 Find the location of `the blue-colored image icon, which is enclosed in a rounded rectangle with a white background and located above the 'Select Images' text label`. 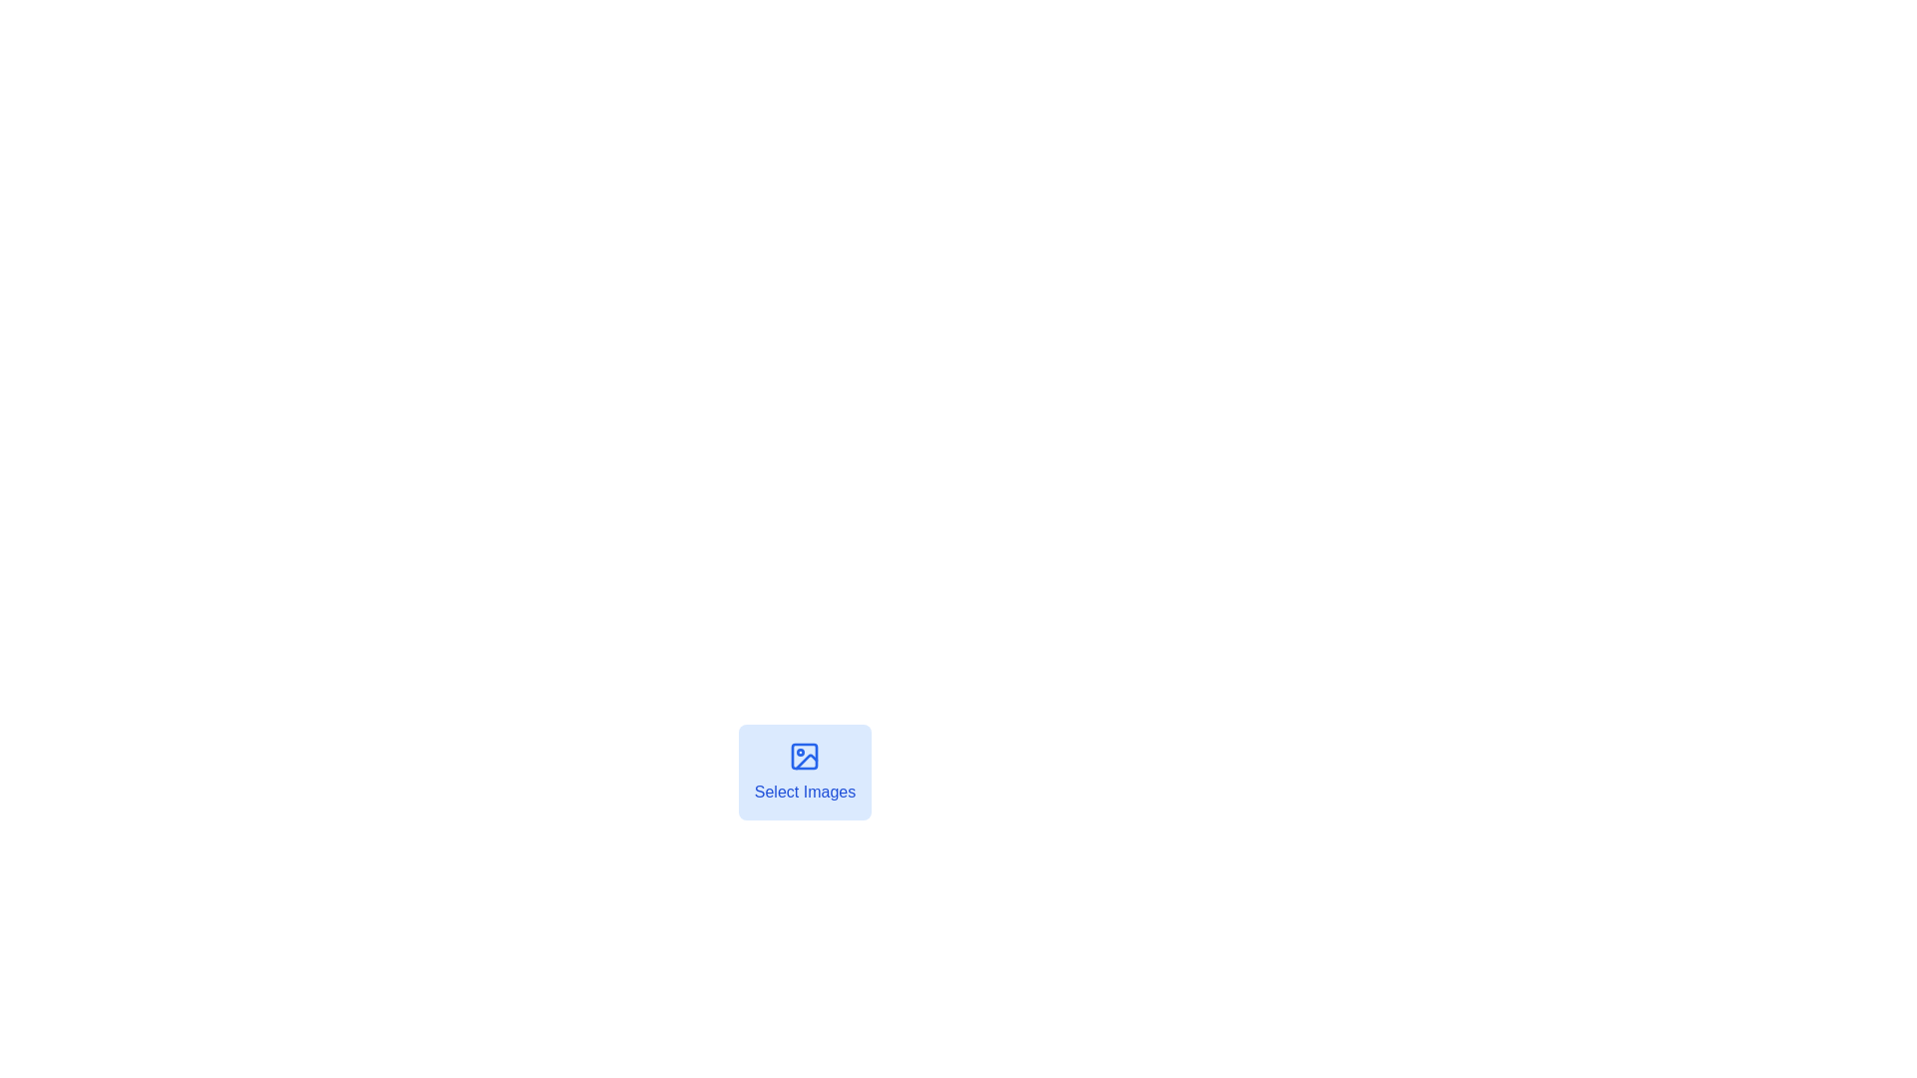

the blue-colored image icon, which is enclosed in a rounded rectangle with a white background and located above the 'Select Images' text label is located at coordinates (805, 757).